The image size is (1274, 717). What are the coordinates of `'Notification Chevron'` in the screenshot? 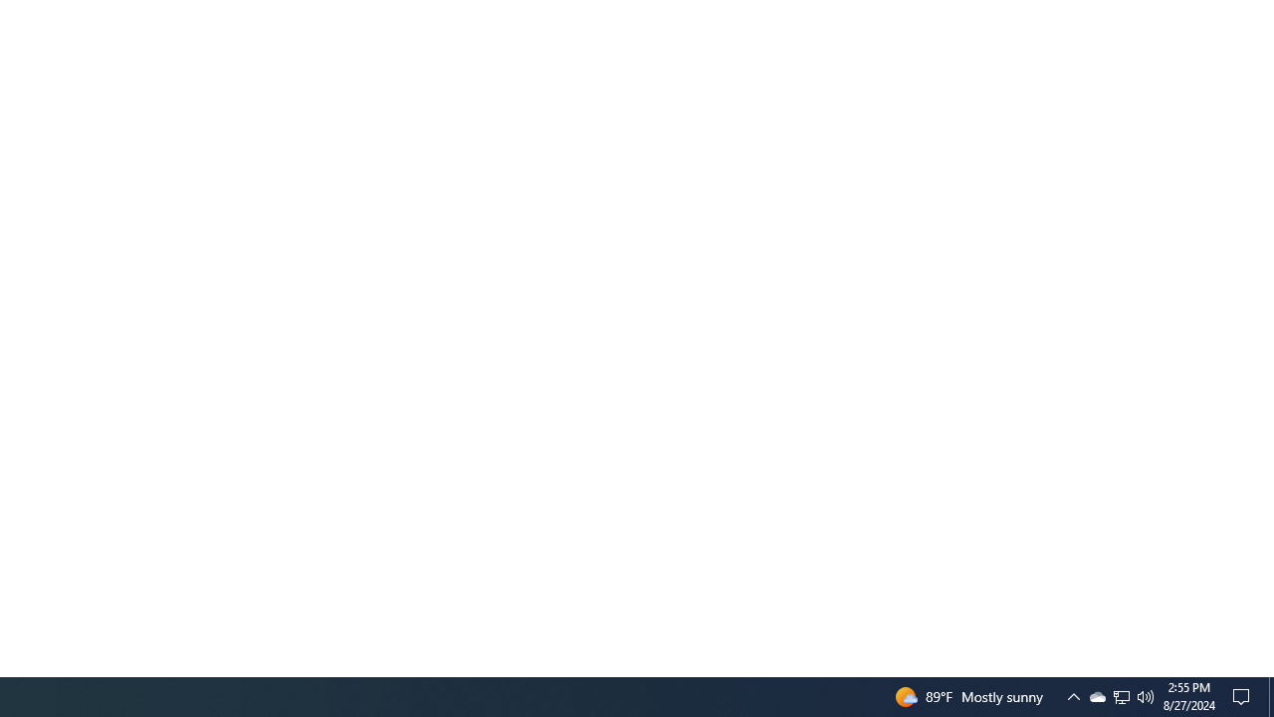 It's located at (1073, 695).